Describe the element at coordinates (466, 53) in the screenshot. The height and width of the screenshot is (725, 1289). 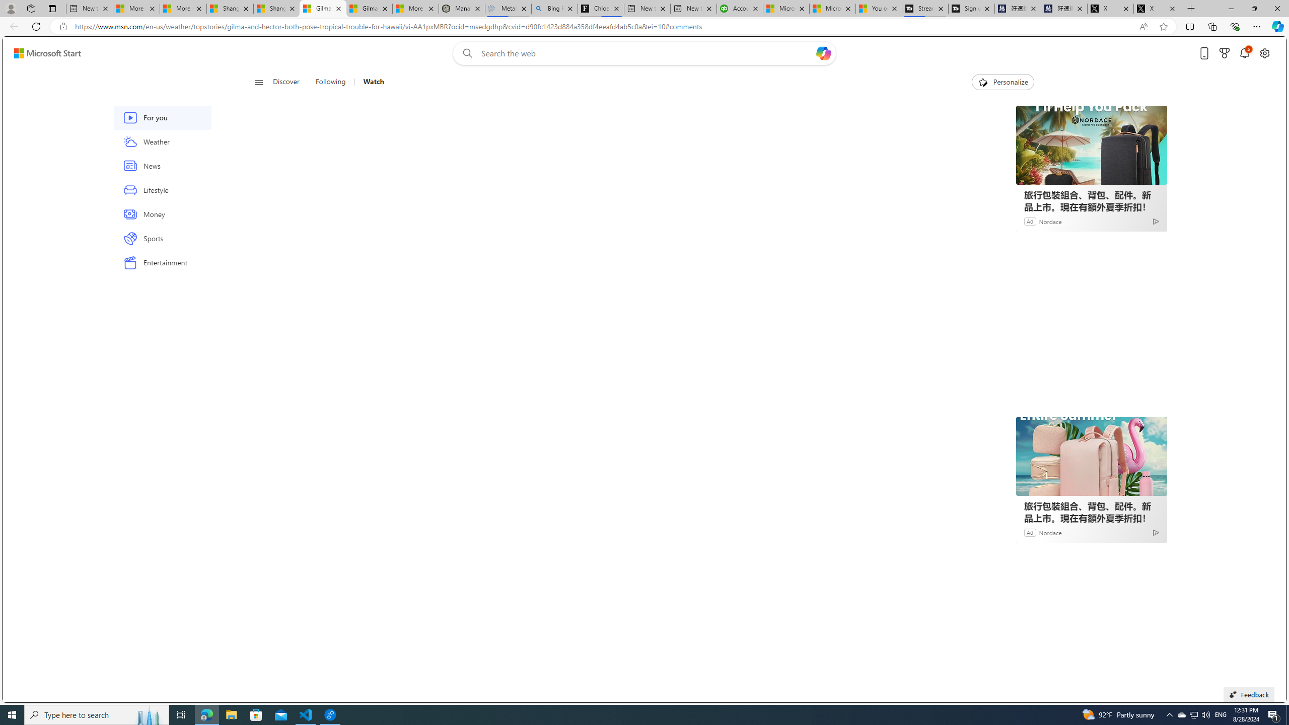
I see `'Web search'` at that location.